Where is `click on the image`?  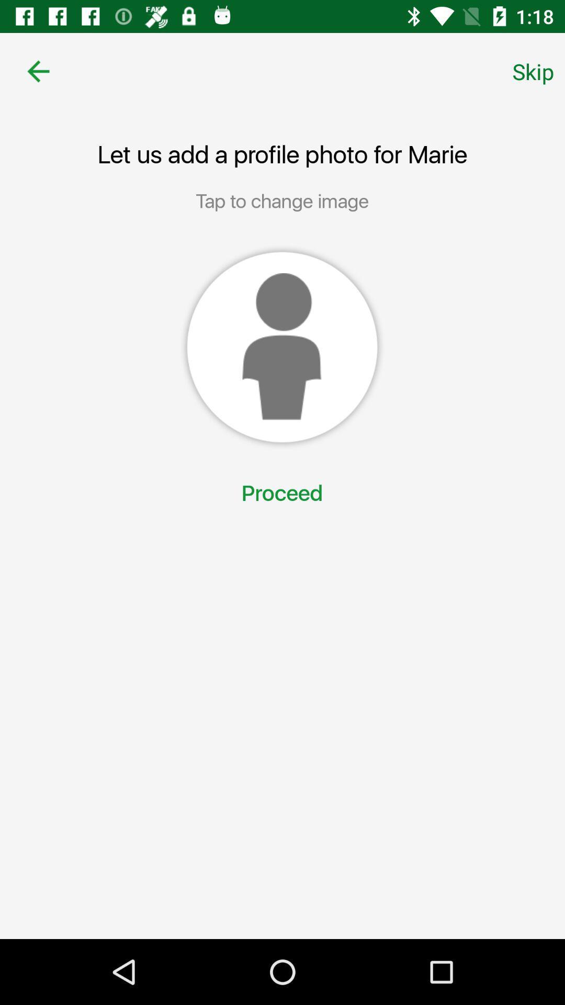
click on the image is located at coordinates (281, 347).